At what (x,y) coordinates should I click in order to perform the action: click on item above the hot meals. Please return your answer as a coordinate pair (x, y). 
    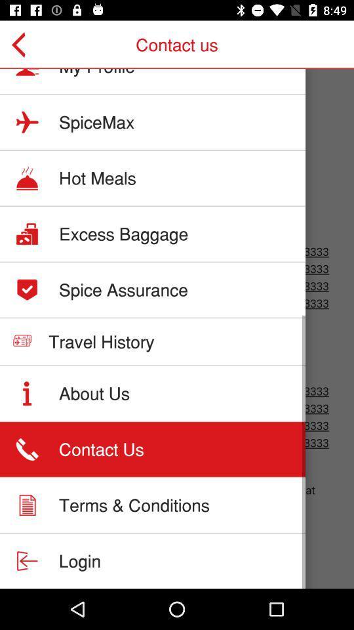
    Looking at the image, I should click on (96, 122).